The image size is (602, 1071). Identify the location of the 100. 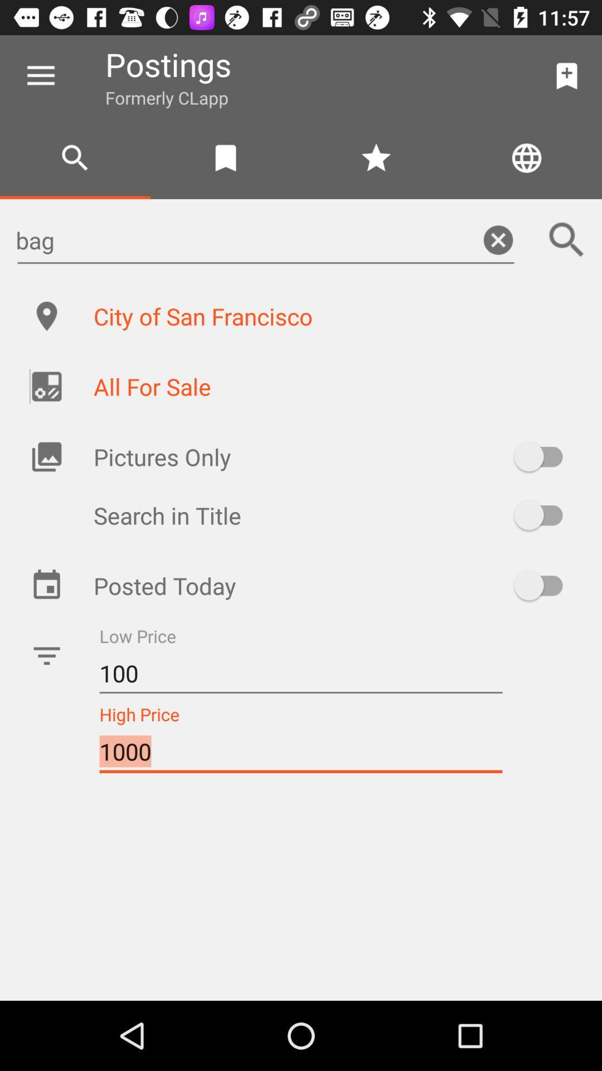
(301, 673).